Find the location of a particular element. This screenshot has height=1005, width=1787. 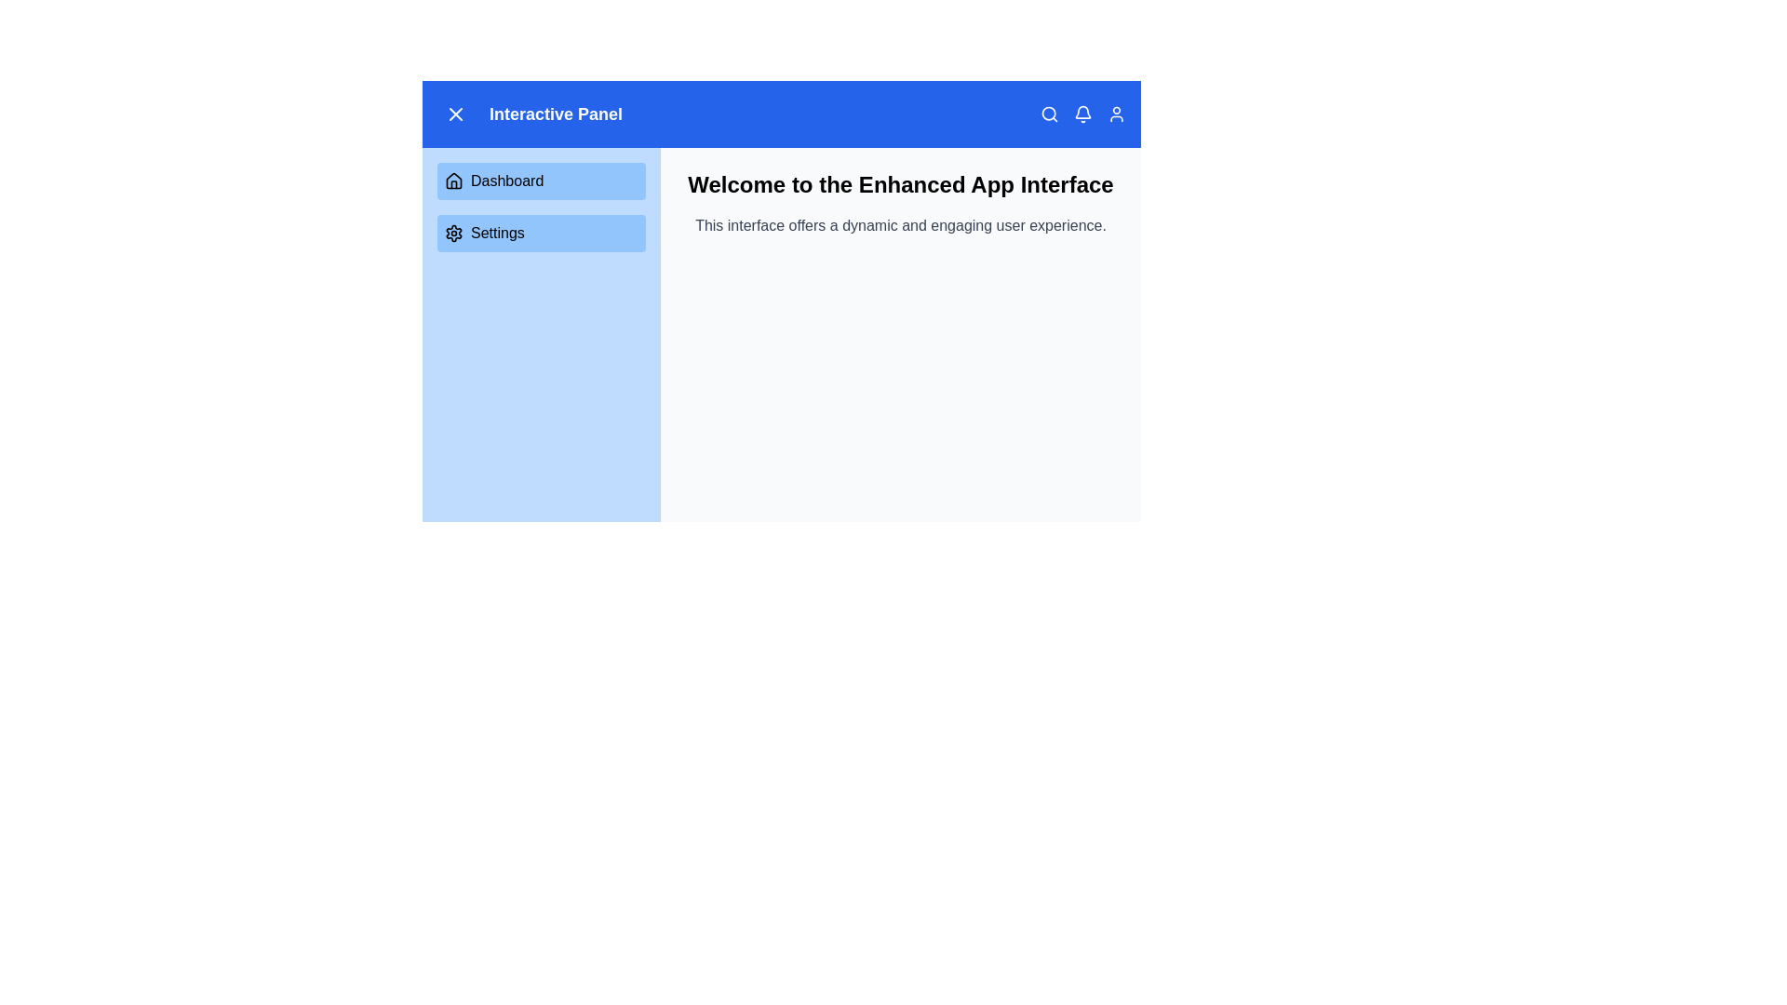

the 'Settings' icon located in the left panel, specifically the second list item below the 'Dashboard' button is located at coordinates (454, 232).